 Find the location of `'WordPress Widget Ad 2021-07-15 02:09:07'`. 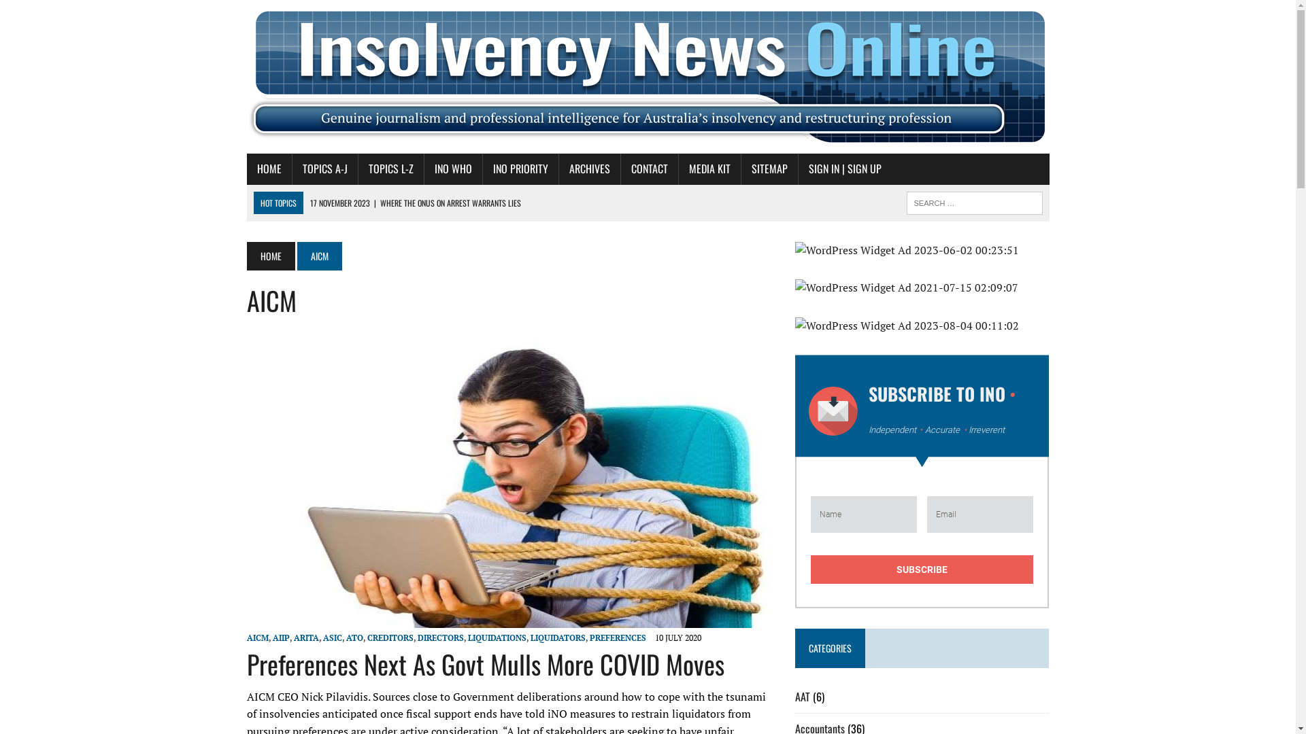

'WordPress Widget Ad 2021-07-15 02:09:07' is located at coordinates (922, 287).